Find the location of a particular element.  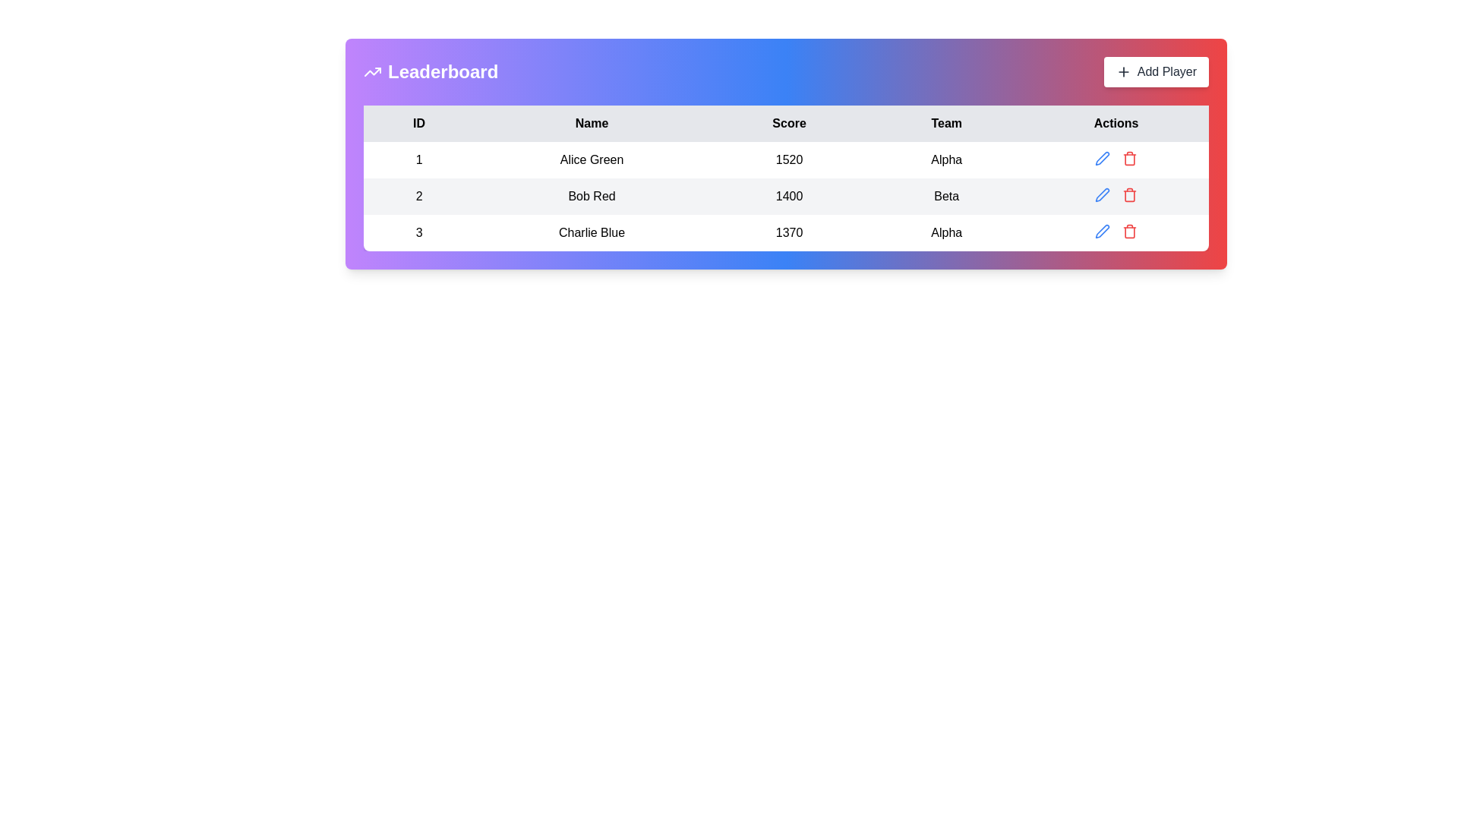

the small graphical icon resembling a cross or plus sign located at the leftmost position of the 'Add Player' button, which is situated at the top-right corner above the leaderboard table is located at coordinates (1123, 72).